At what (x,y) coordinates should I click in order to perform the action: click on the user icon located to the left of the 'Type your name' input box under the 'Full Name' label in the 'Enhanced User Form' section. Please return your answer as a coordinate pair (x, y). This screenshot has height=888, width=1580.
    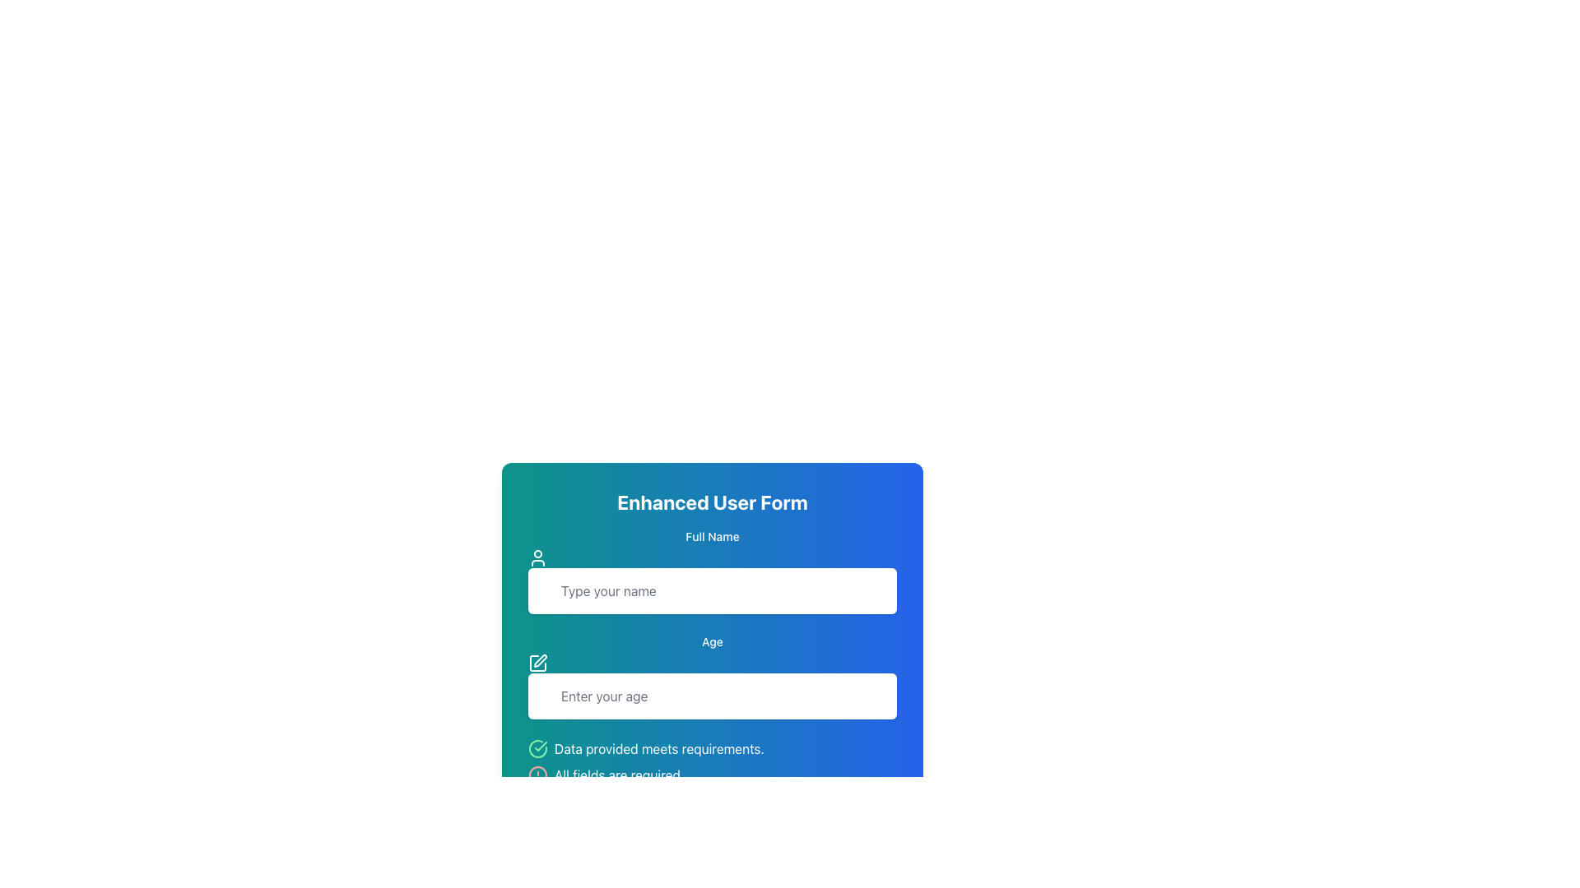
    Looking at the image, I should click on (537, 557).